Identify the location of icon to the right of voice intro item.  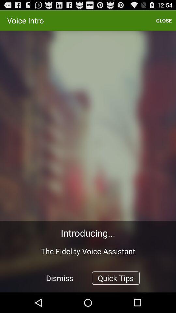
(164, 20).